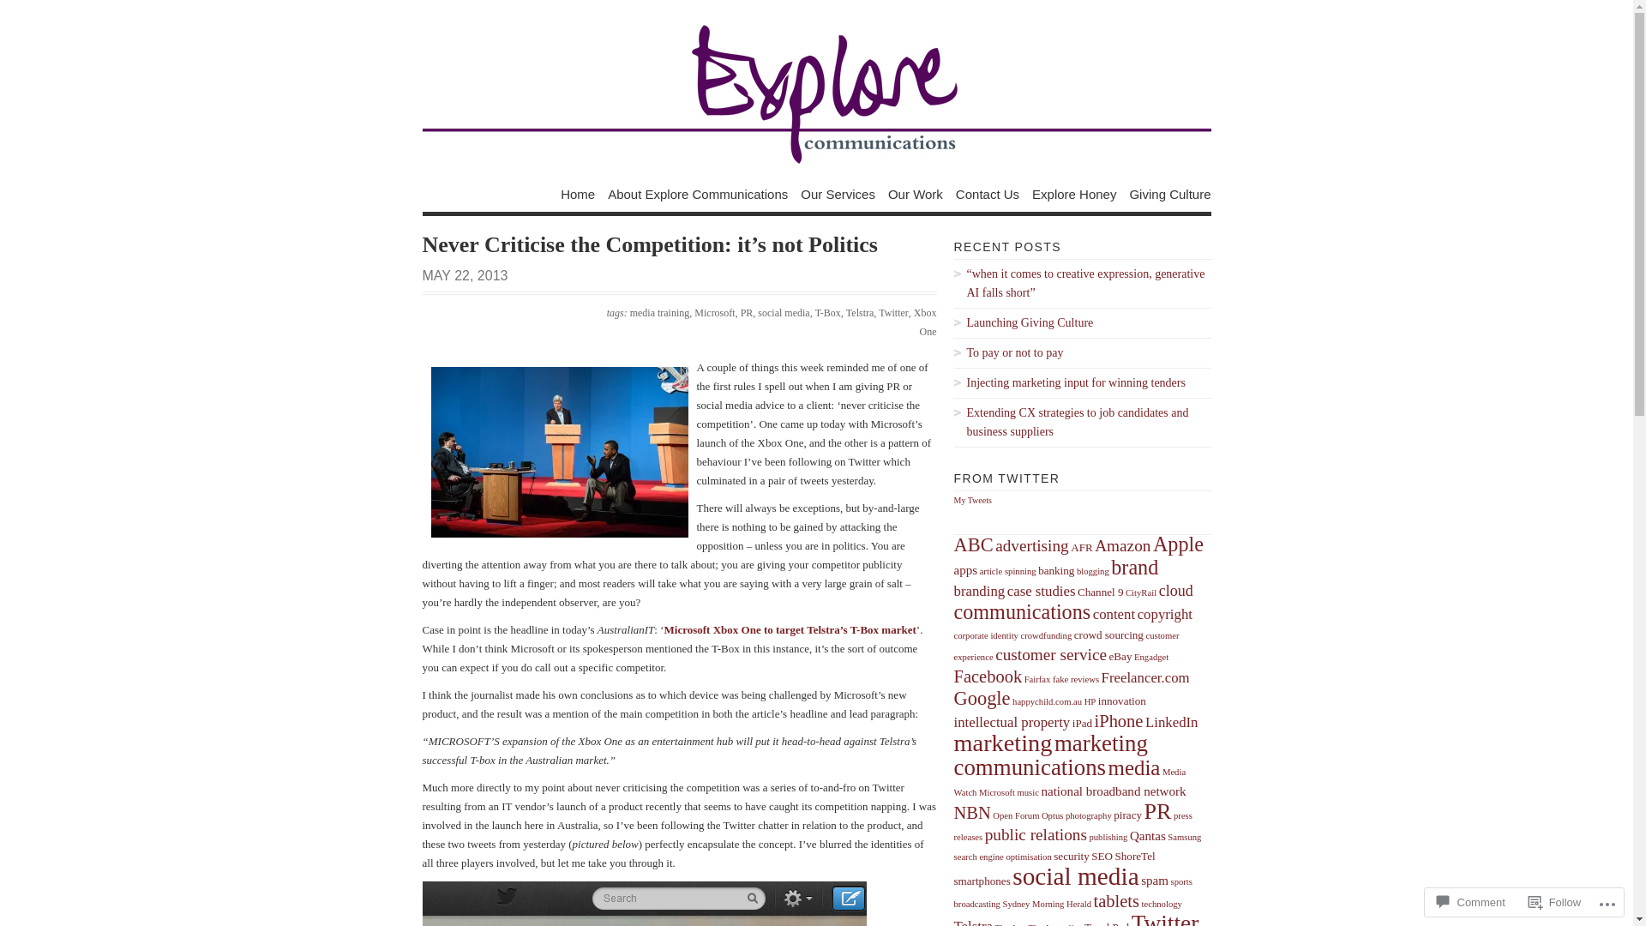 This screenshot has height=926, width=1646. I want to click on 'Injecting marketing input for winning tenders', so click(1081, 382).